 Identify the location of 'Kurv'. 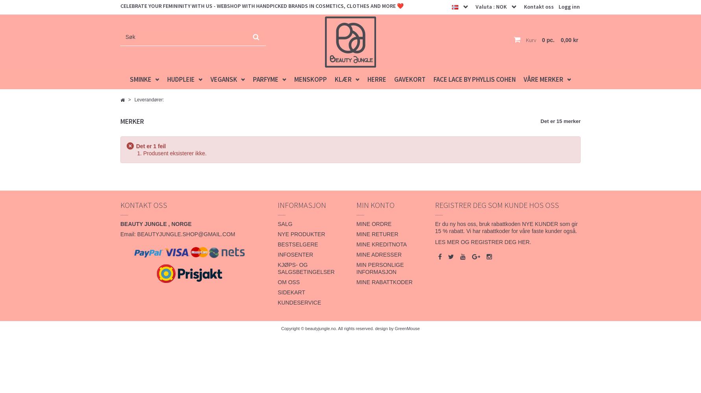
(530, 40).